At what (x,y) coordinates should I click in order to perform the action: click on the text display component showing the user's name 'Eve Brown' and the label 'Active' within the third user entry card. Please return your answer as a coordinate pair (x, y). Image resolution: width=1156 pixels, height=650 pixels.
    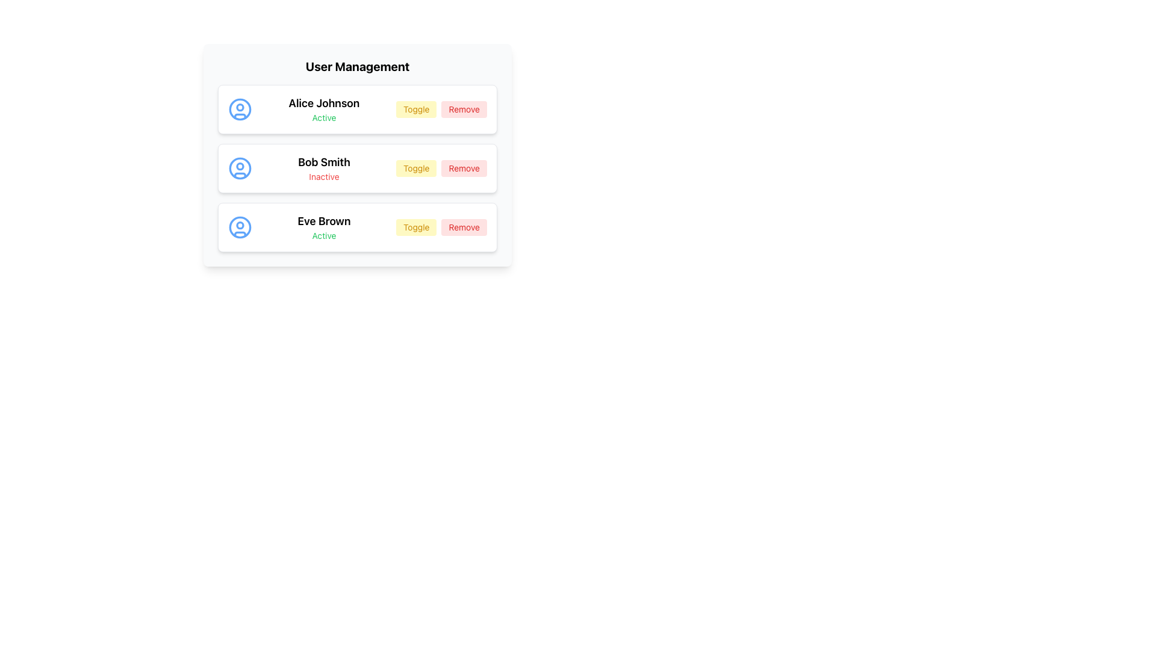
    Looking at the image, I should click on (324, 227).